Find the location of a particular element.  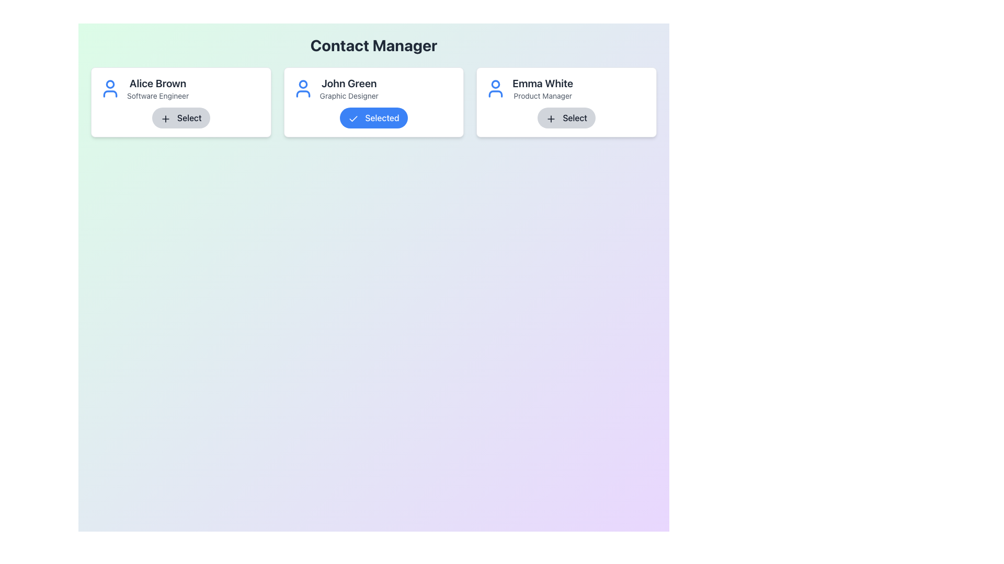

the text label displaying the job title of Alice Brown, located directly below her name within the first card on the left is located at coordinates (157, 96).